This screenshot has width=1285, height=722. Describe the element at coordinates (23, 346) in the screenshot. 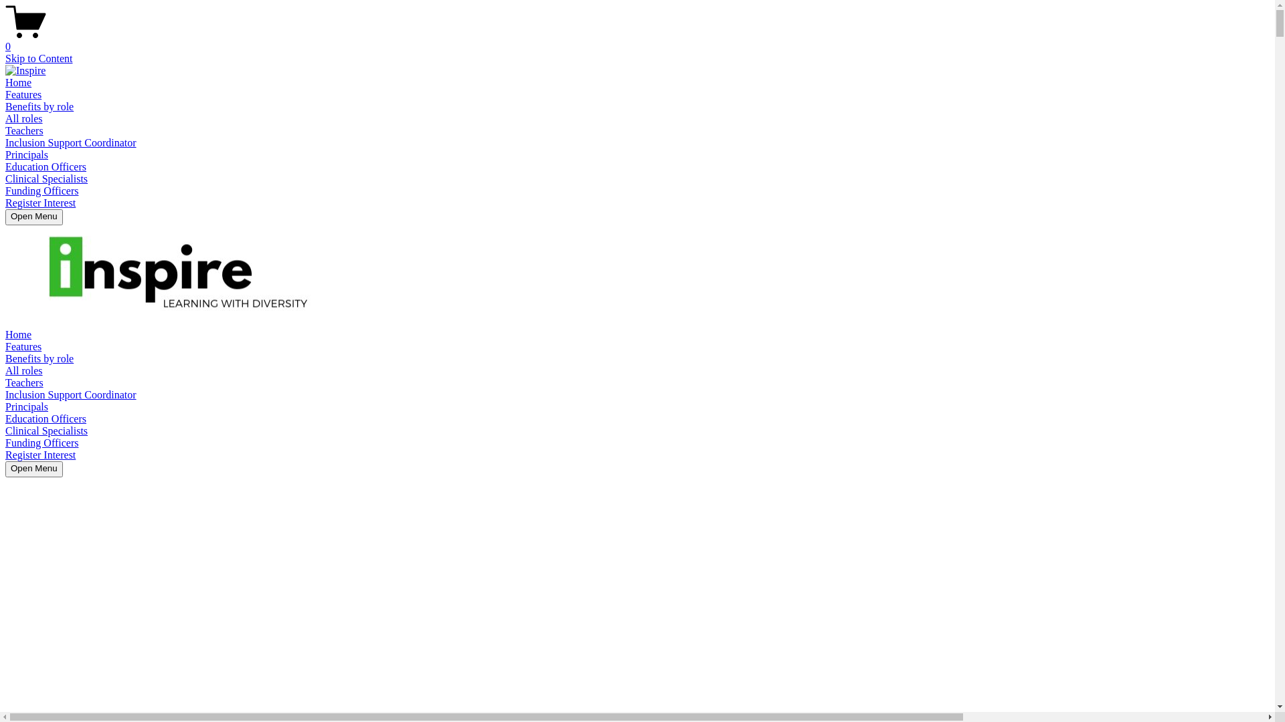

I see `'Features'` at that location.